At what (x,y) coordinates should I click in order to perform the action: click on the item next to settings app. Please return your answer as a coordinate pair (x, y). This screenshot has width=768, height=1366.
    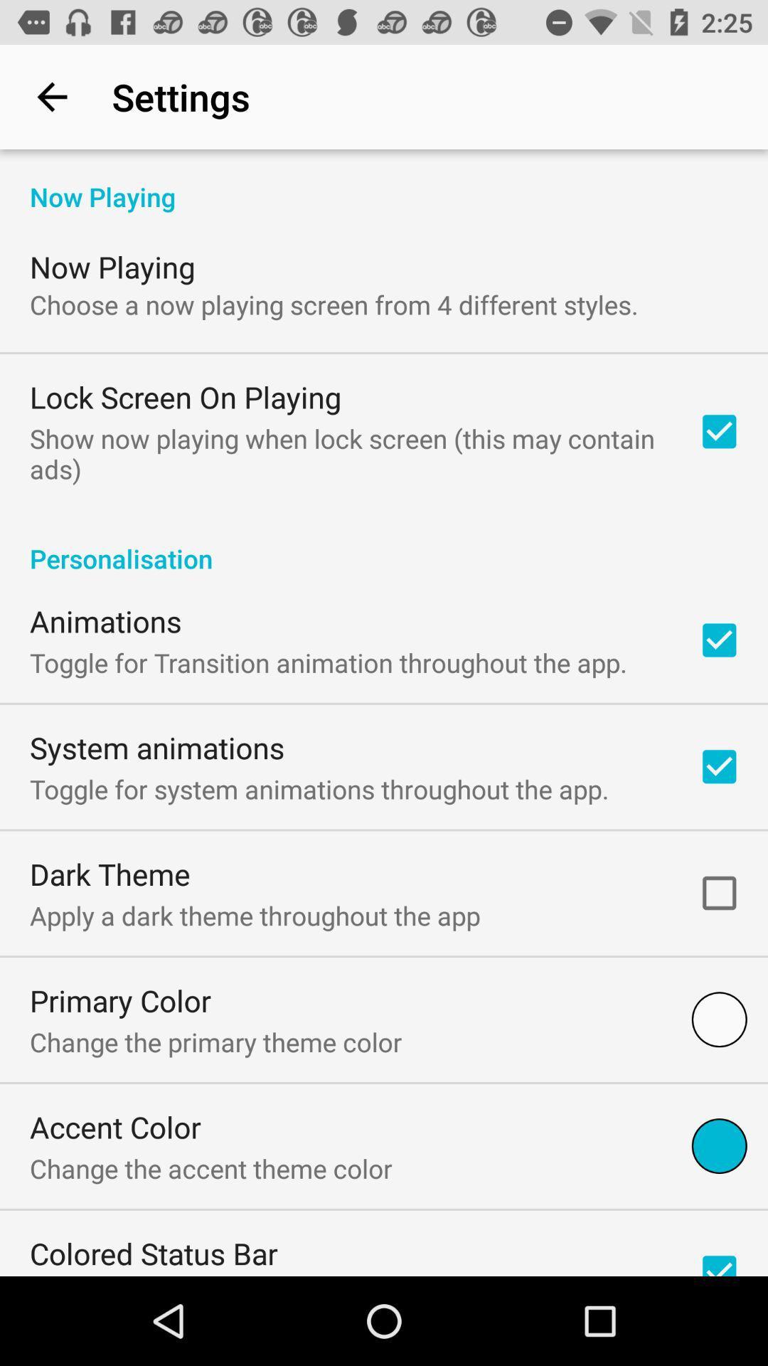
    Looking at the image, I should click on (51, 96).